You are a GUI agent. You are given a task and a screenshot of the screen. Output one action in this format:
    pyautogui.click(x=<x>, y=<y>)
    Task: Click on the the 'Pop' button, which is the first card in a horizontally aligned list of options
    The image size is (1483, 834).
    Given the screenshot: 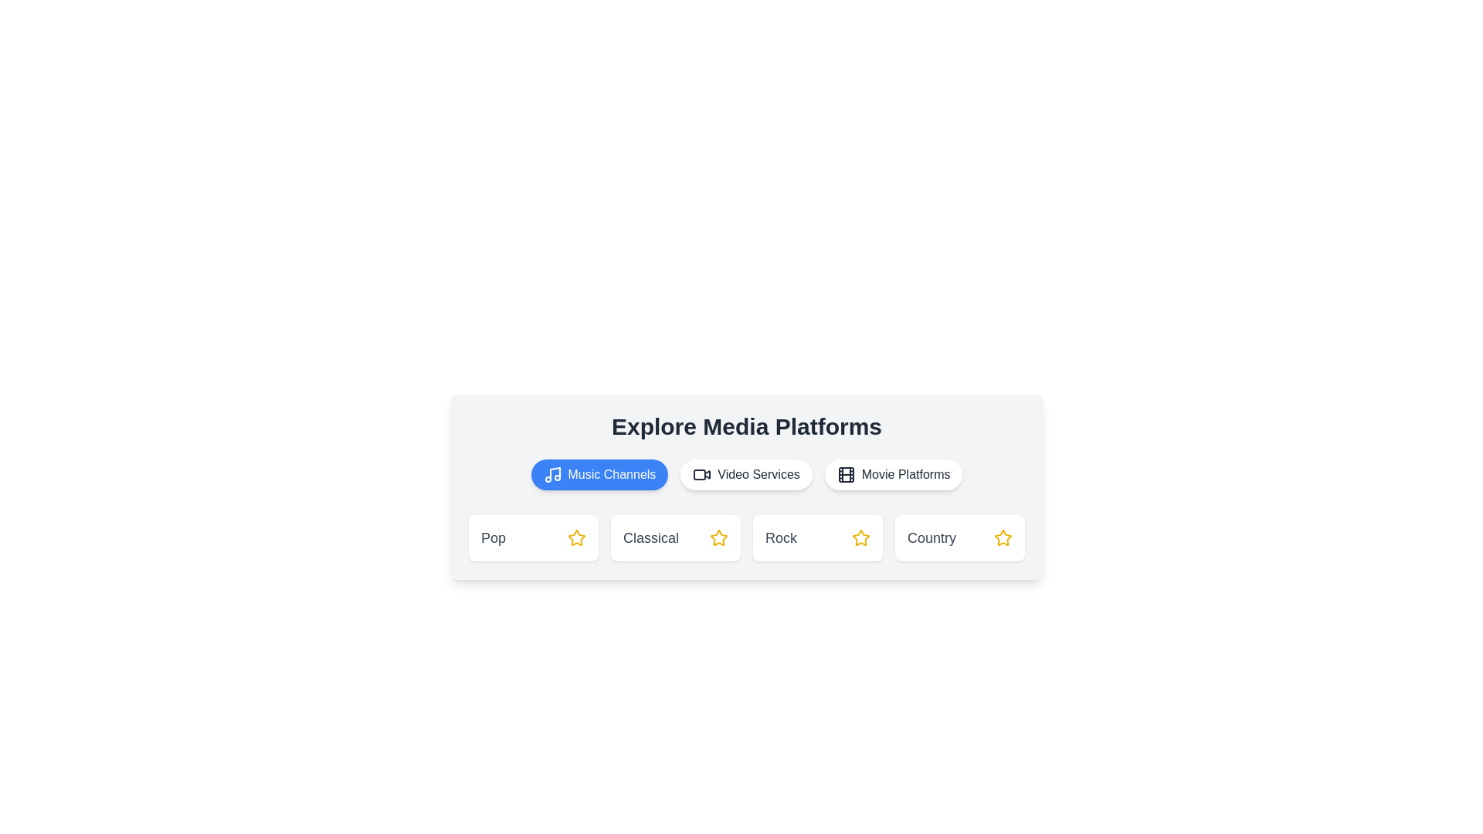 What is the action you would take?
    pyautogui.click(x=534, y=537)
    